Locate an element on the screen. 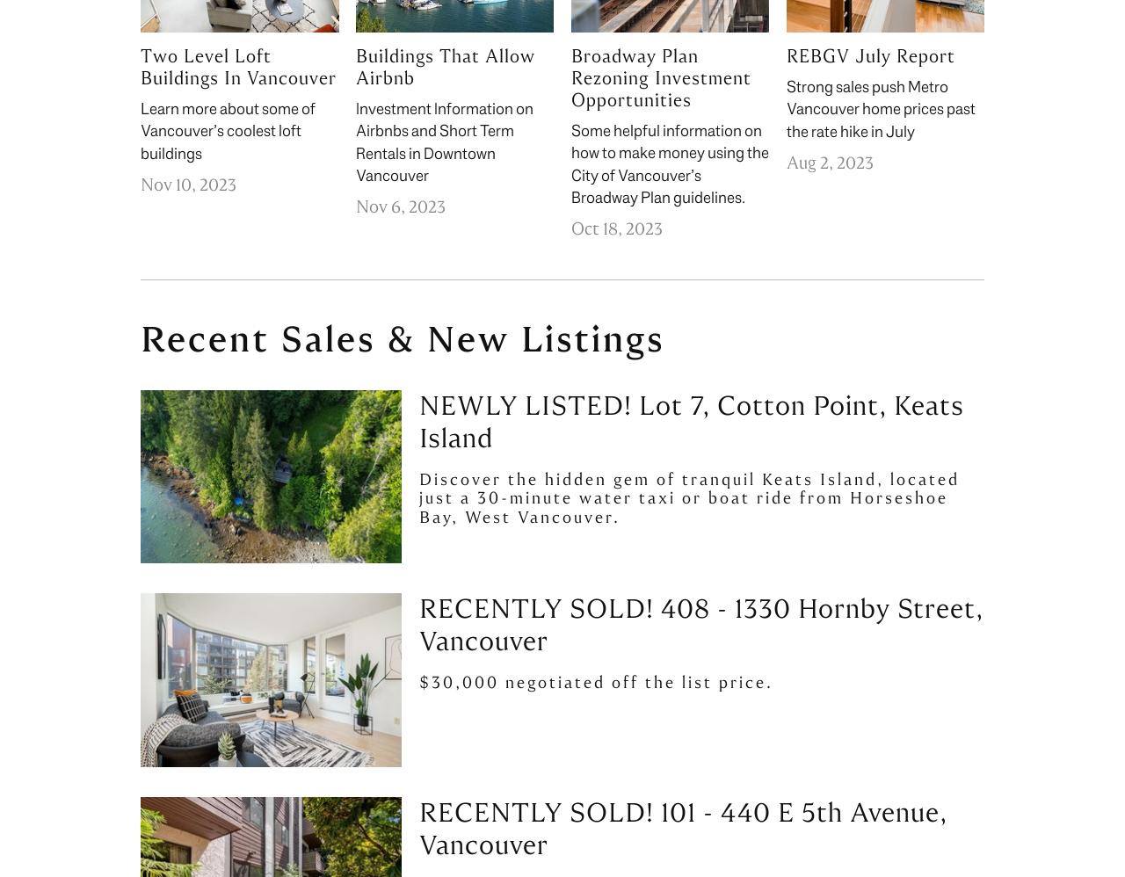  'Buildings That Allow Airbnb' is located at coordinates (444, 66).